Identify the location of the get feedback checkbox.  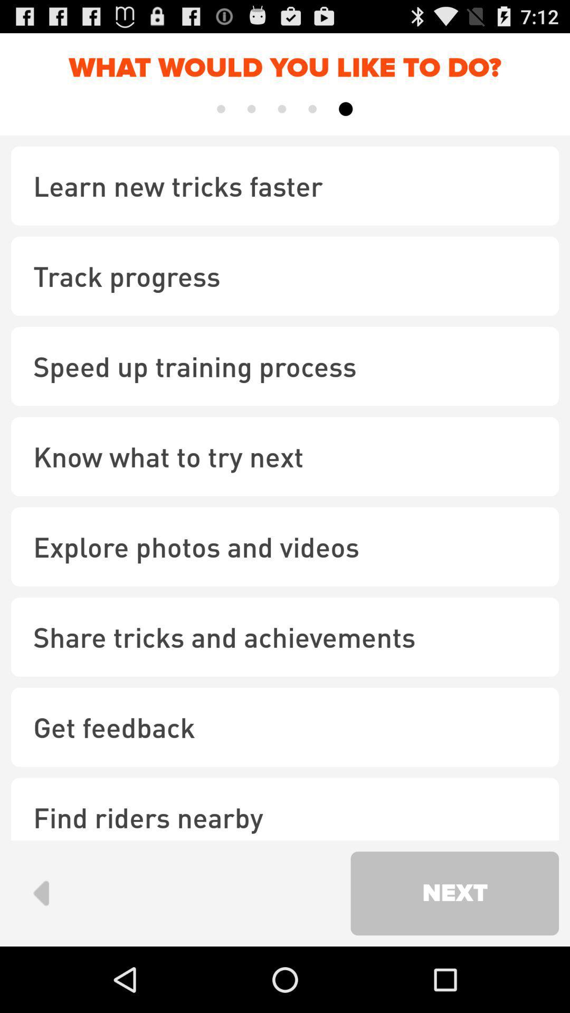
(285, 727).